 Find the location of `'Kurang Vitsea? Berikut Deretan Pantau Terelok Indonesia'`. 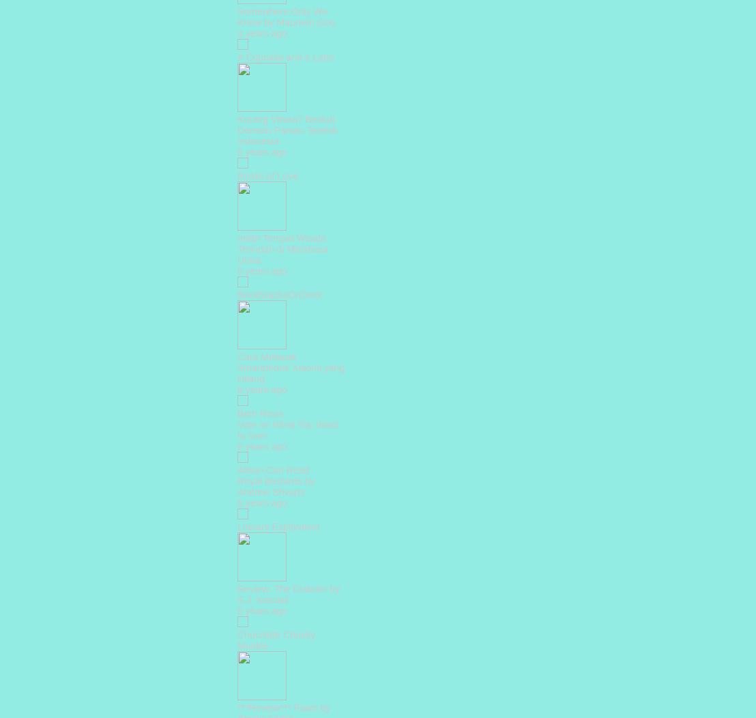

'Kurang Vitsea? Berikut Deretan Pantau Terelok Indonesia' is located at coordinates (287, 129).